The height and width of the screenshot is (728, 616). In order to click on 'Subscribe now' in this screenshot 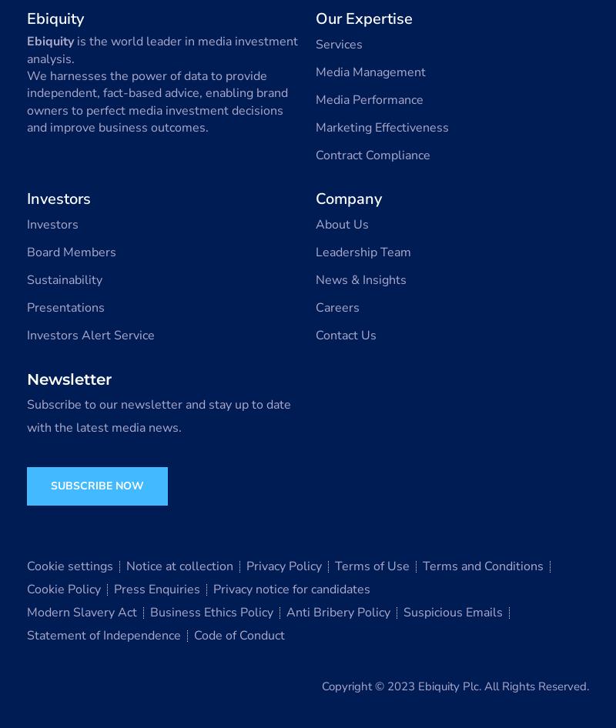, I will do `click(96, 486)`.